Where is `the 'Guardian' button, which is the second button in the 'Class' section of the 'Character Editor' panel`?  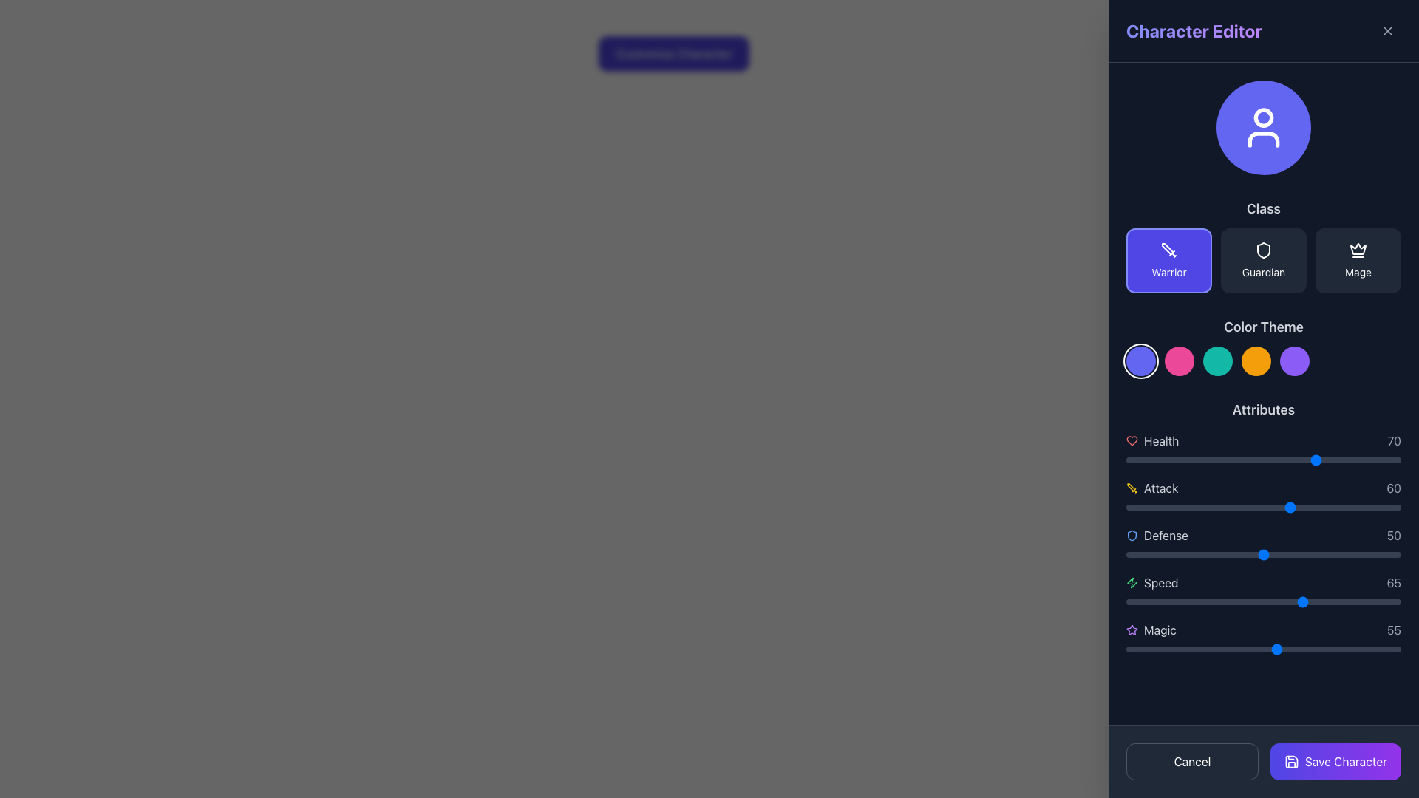
the 'Guardian' button, which is the second button in the 'Class' section of the 'Character Editor' panel is located at coordinates (1262, 260).